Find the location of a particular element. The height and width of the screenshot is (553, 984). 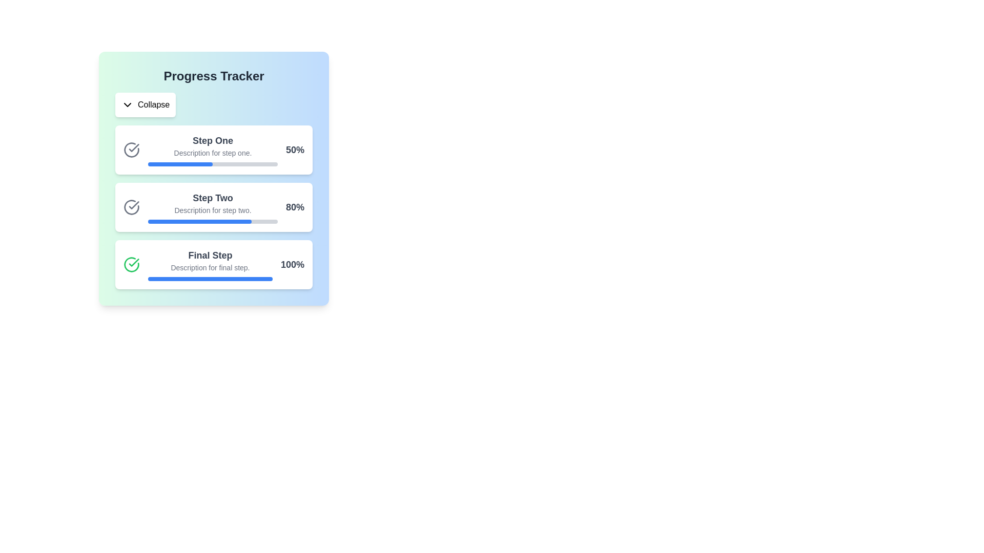

the completion percentage visually on the Progress bar located below the 'Step One' text and its description, as it is the only progress bar associated with this section is located at coordinates (212, 163).